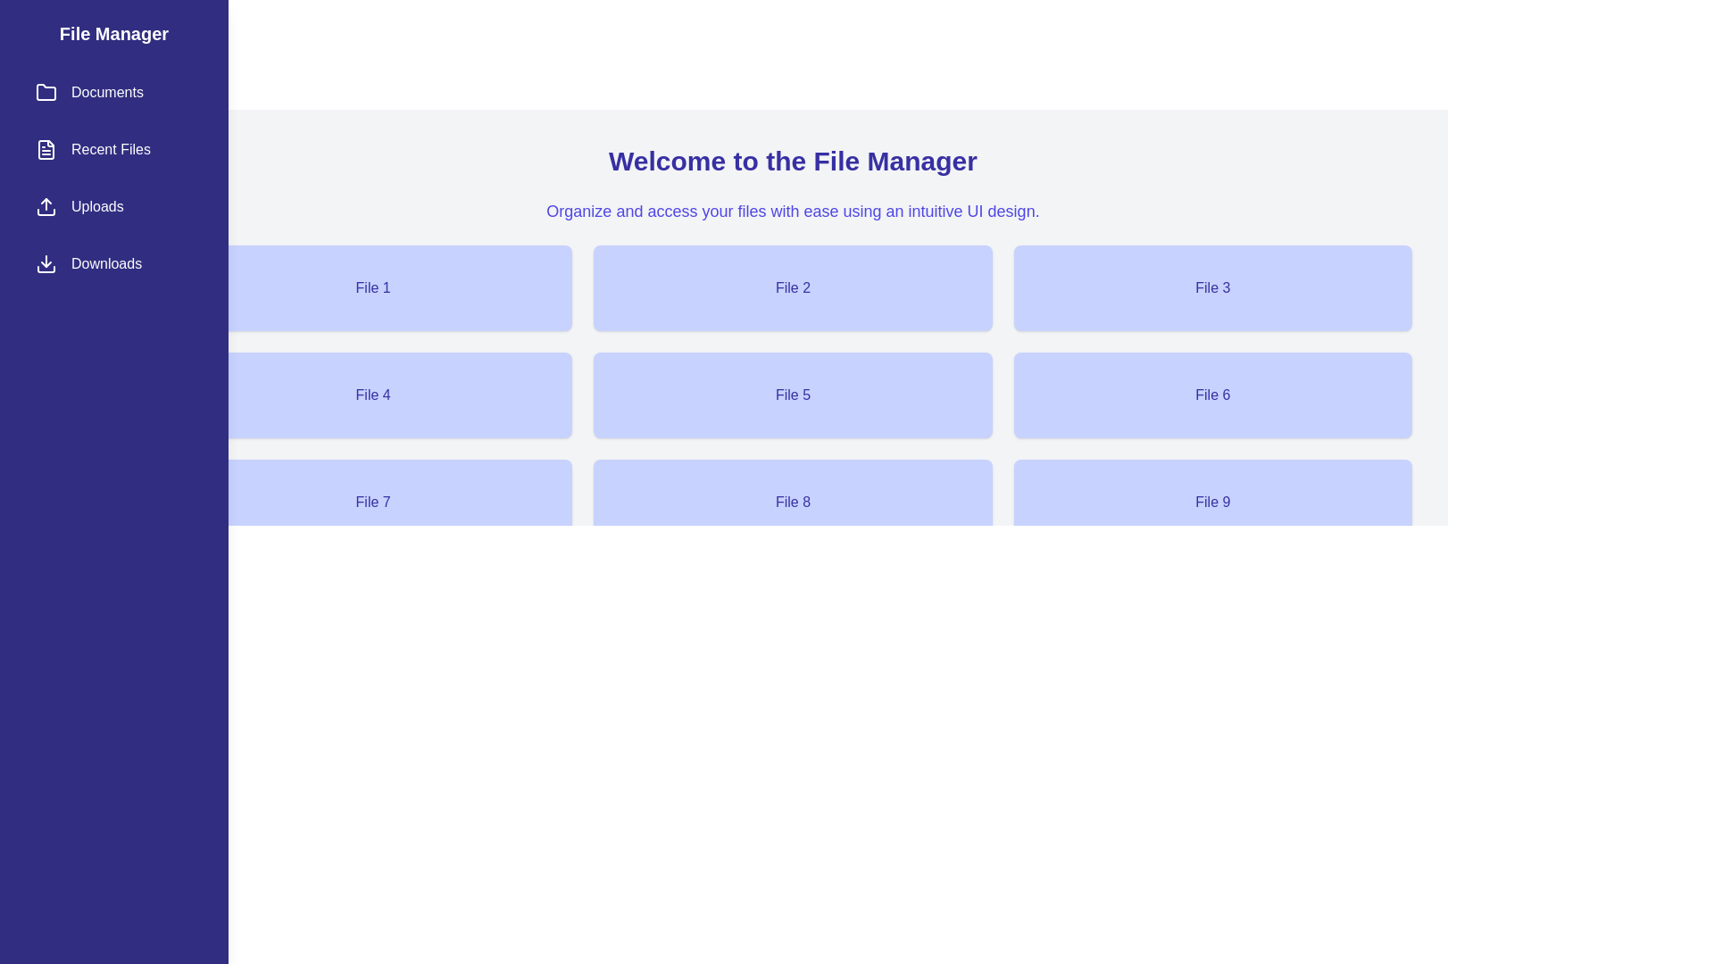 The image size is (1714, 964). Describe the element at coordinates (113, 149) in the screenshot. I see `the sidebar menu category Recent Files` at that location.